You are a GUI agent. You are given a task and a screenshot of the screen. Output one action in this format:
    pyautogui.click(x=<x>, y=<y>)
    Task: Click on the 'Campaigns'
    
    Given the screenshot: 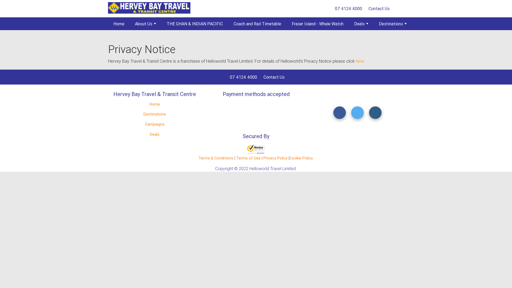 What is the action you would take?
    pyautogui.click(x=154, y=124)
    